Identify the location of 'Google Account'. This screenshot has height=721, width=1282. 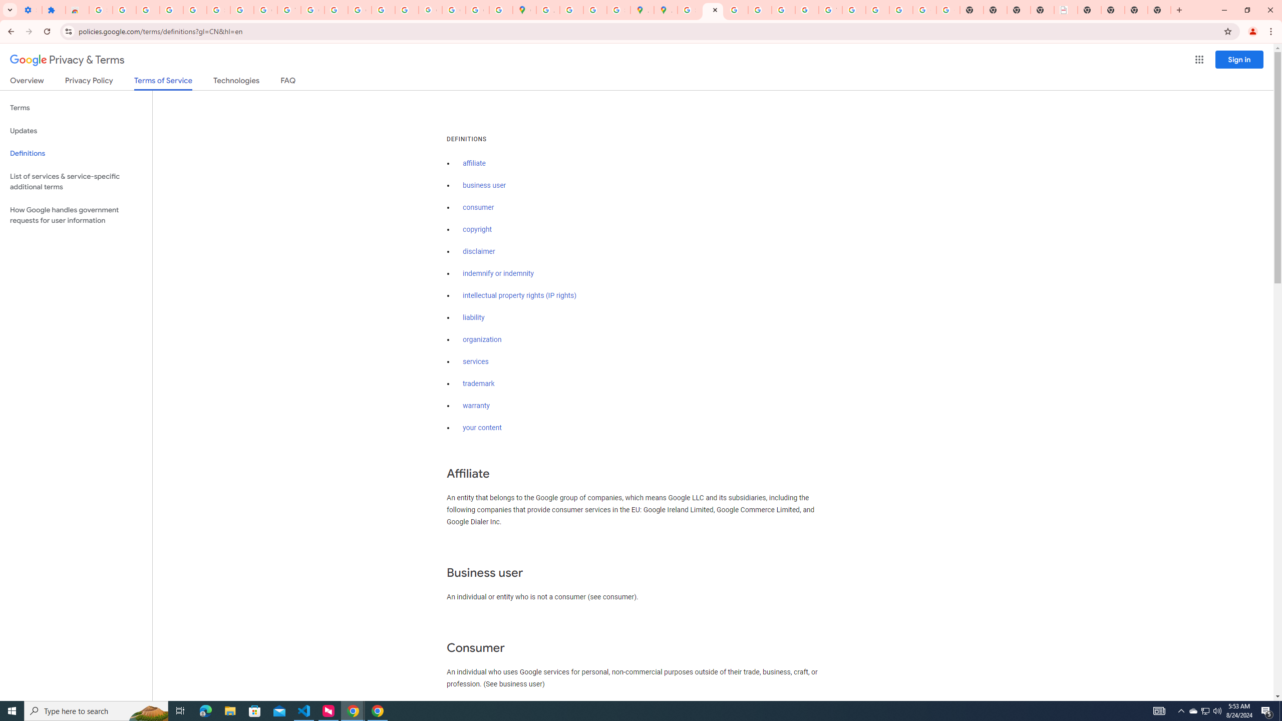
(265, 10).